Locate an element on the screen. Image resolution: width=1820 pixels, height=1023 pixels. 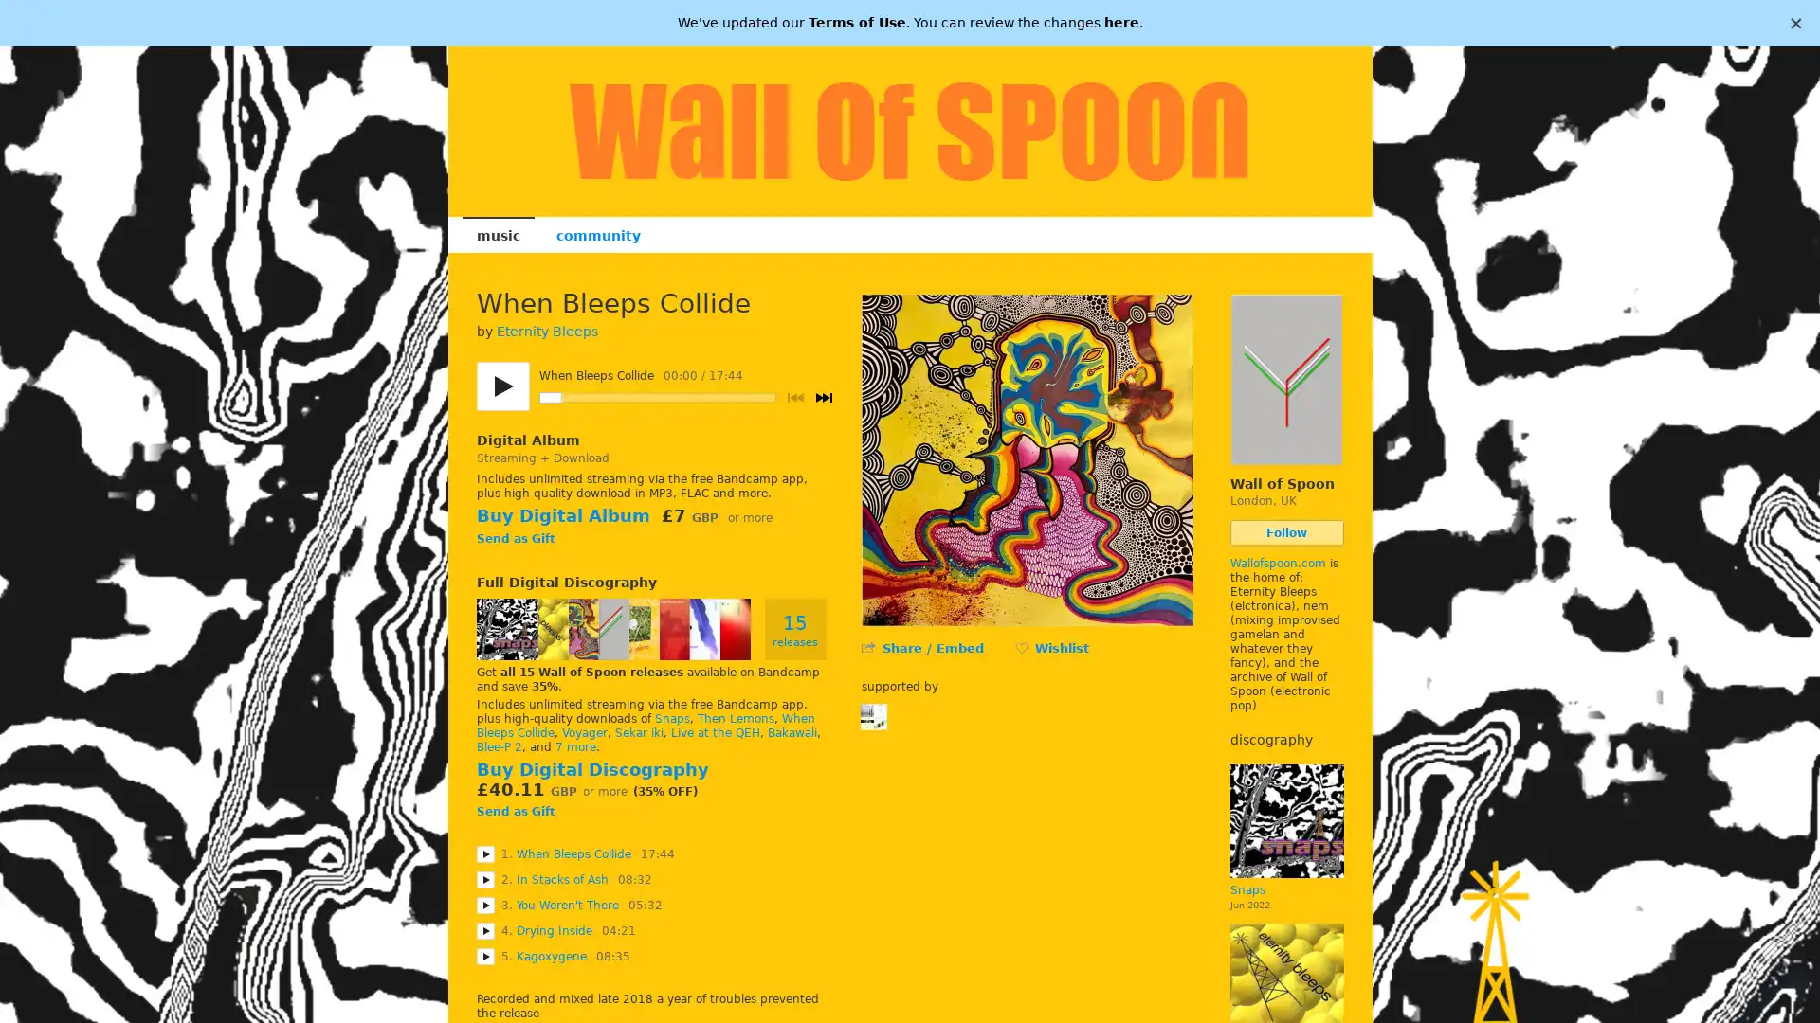
Share / Embed is located at coordinates (932, 647).